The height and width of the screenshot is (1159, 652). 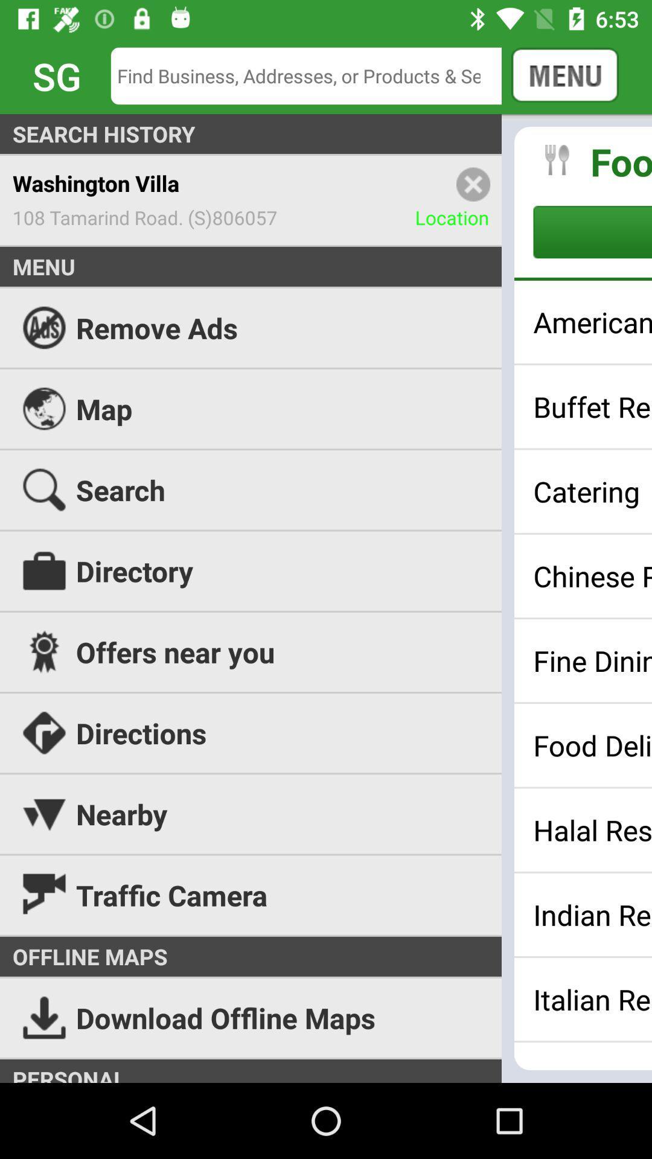 I want to click on the icon below the offers near you icon, so click(x=326, y=732).